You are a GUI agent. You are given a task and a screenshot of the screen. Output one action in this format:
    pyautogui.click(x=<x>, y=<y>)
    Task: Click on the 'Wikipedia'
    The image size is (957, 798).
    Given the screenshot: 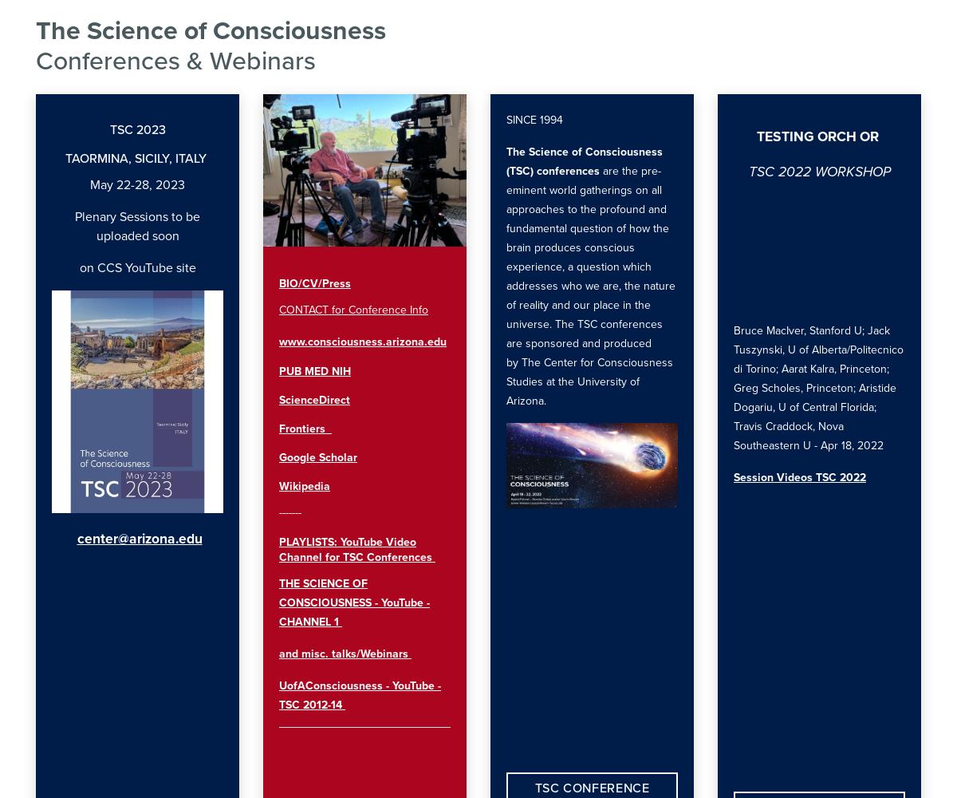 What is the action you would take?
    pyautogui.click(x=304, y=484)
    